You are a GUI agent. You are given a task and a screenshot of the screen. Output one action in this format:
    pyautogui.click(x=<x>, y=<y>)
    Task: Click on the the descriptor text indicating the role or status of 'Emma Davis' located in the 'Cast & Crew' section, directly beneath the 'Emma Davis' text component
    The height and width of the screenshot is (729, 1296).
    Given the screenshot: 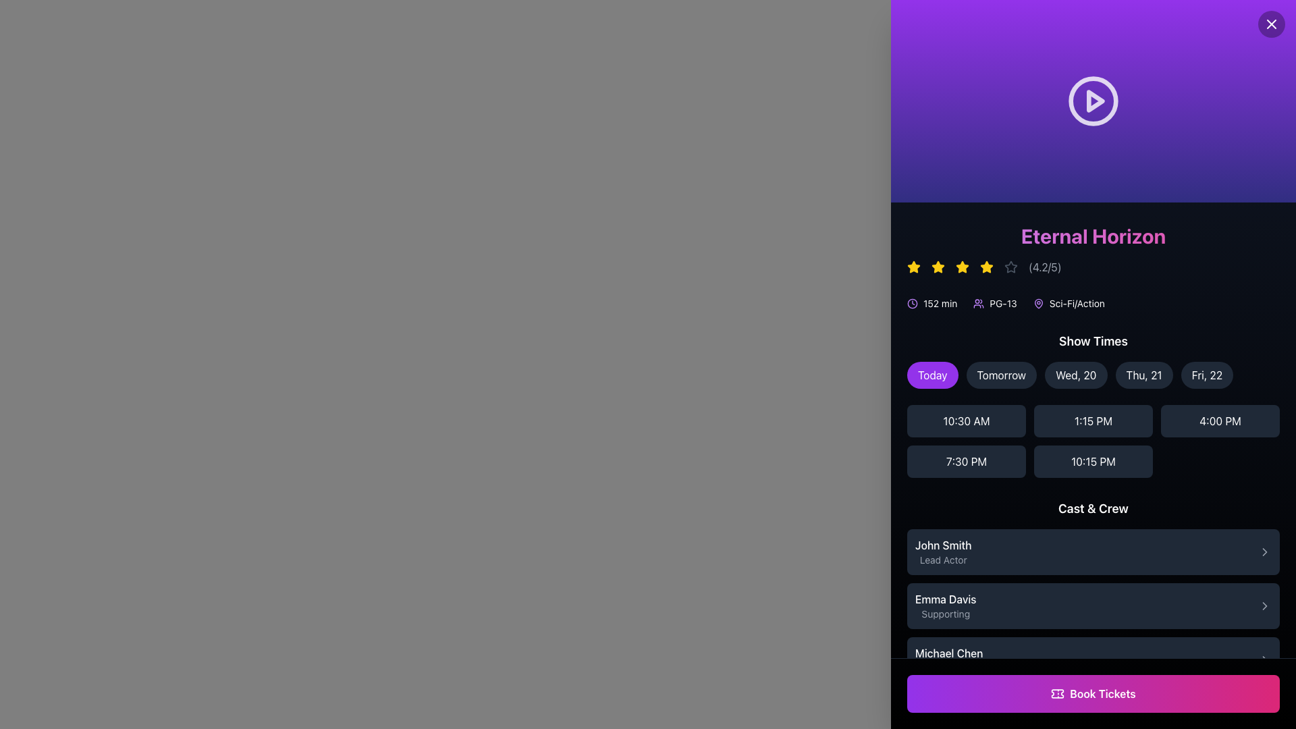 What is the action you would take?
    pyautogui.click(x=945, y=614)
    